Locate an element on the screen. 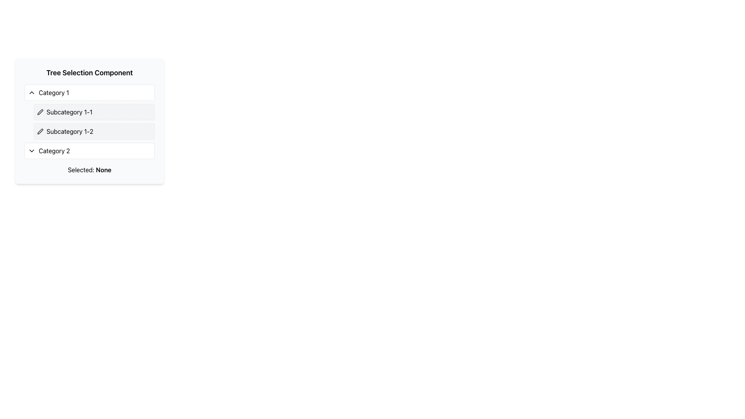 Image resolution: width=745 pixels, height=419 pixels. the interactive list item labeled 'Subcategory 1-2' with a light gray background and dashed borders is located at coordinates (94, 131).